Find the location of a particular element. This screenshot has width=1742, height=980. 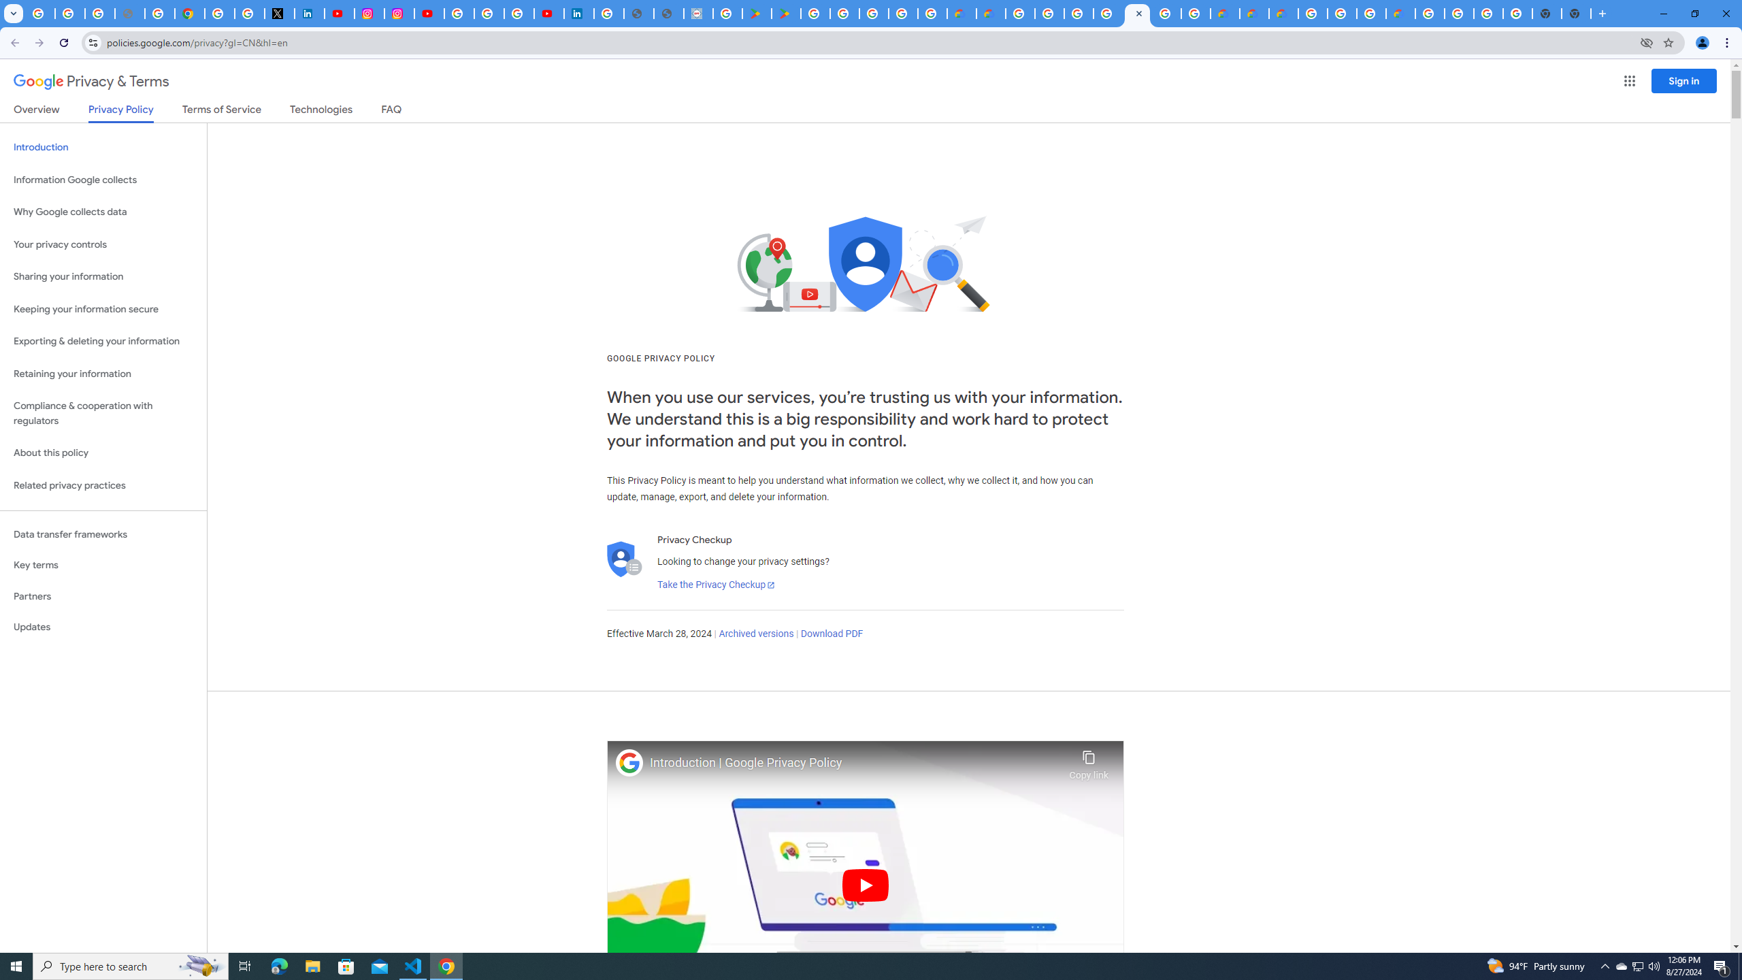

'Google Cloud Platform' is located at coordinates (1429, 13).